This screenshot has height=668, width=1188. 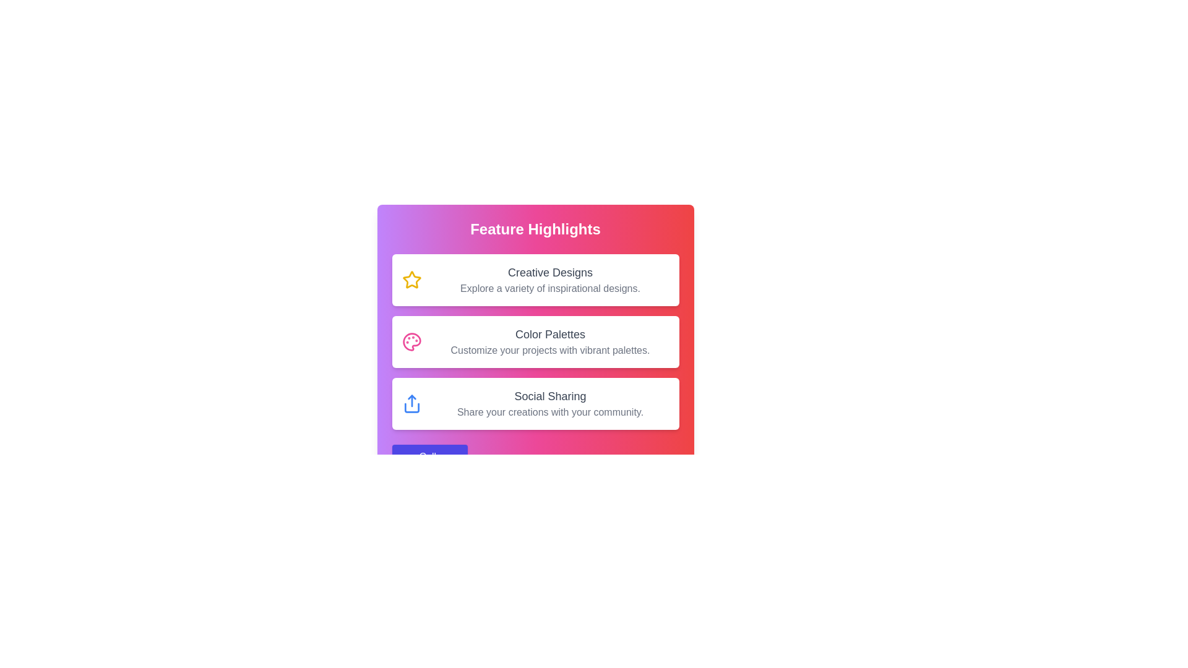 What do you see at coordinates (549, 341) in the screenshot?
I see `the second Informational card in the 'Feature Highlights' section` at bounding box center [549, 341].